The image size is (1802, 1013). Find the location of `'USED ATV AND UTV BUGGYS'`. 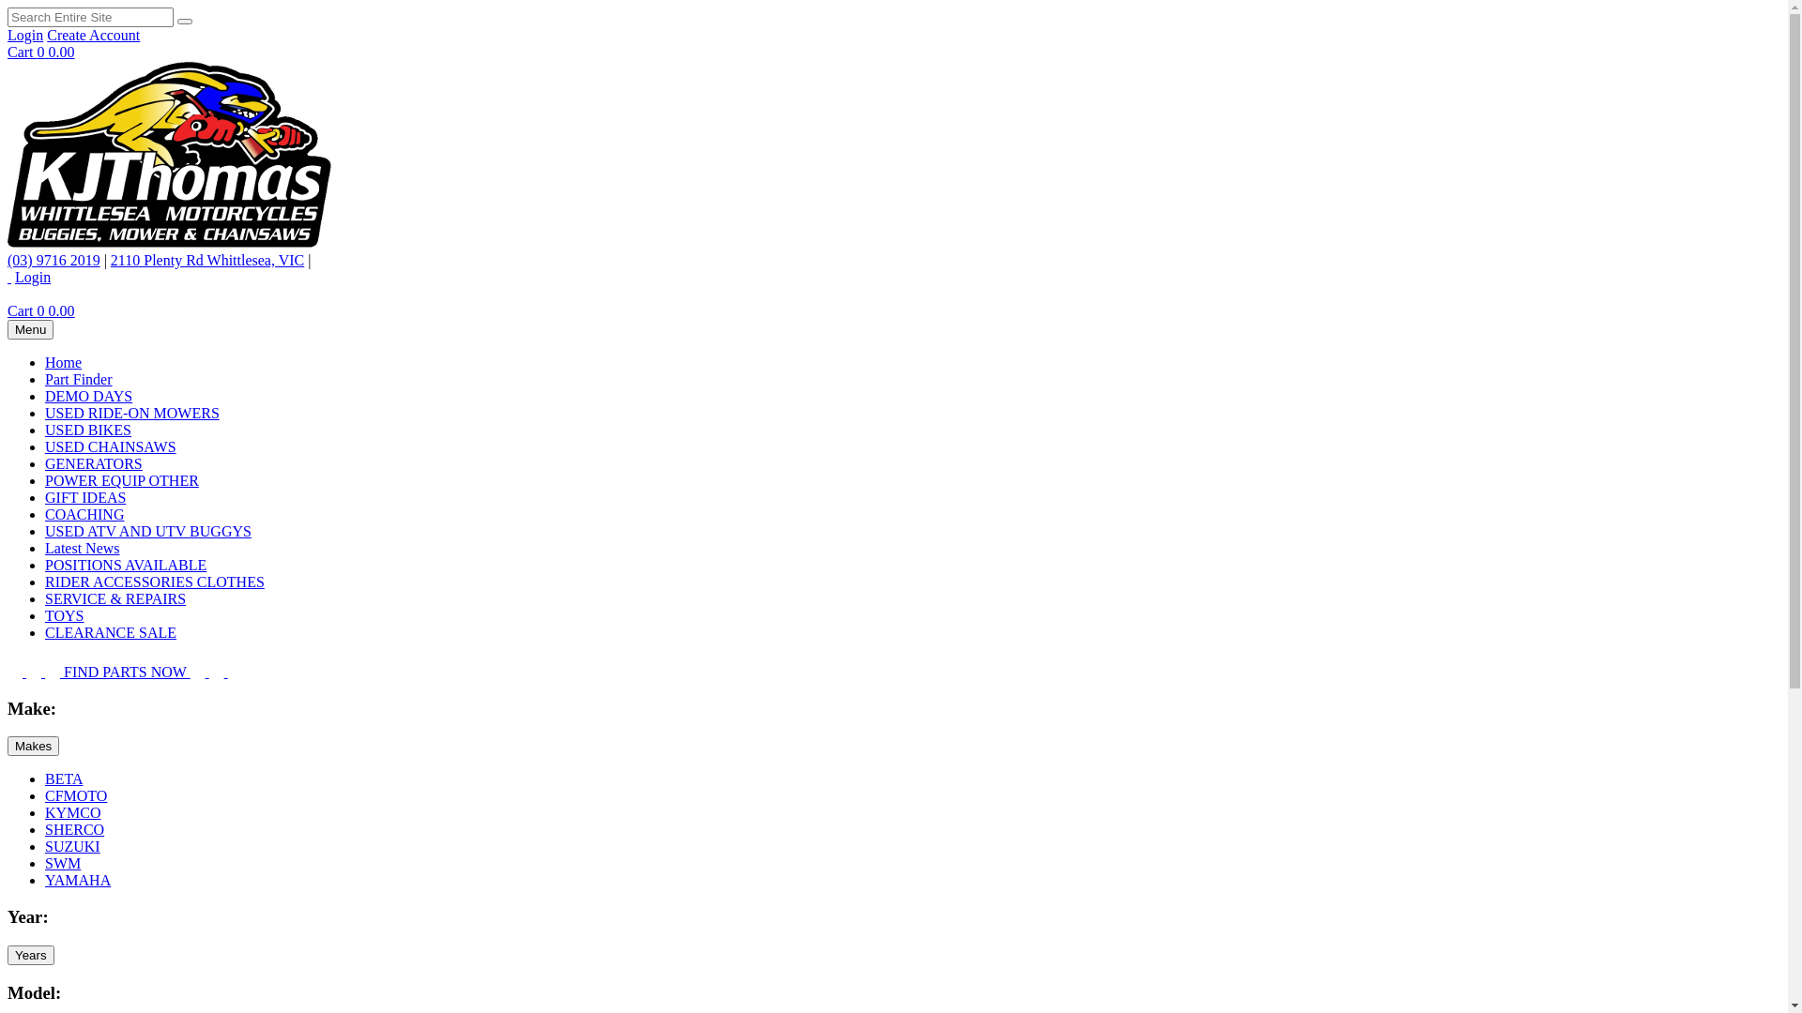

'USED ATV AND UTV BUGGYS' is located at coordinates (147, 531).